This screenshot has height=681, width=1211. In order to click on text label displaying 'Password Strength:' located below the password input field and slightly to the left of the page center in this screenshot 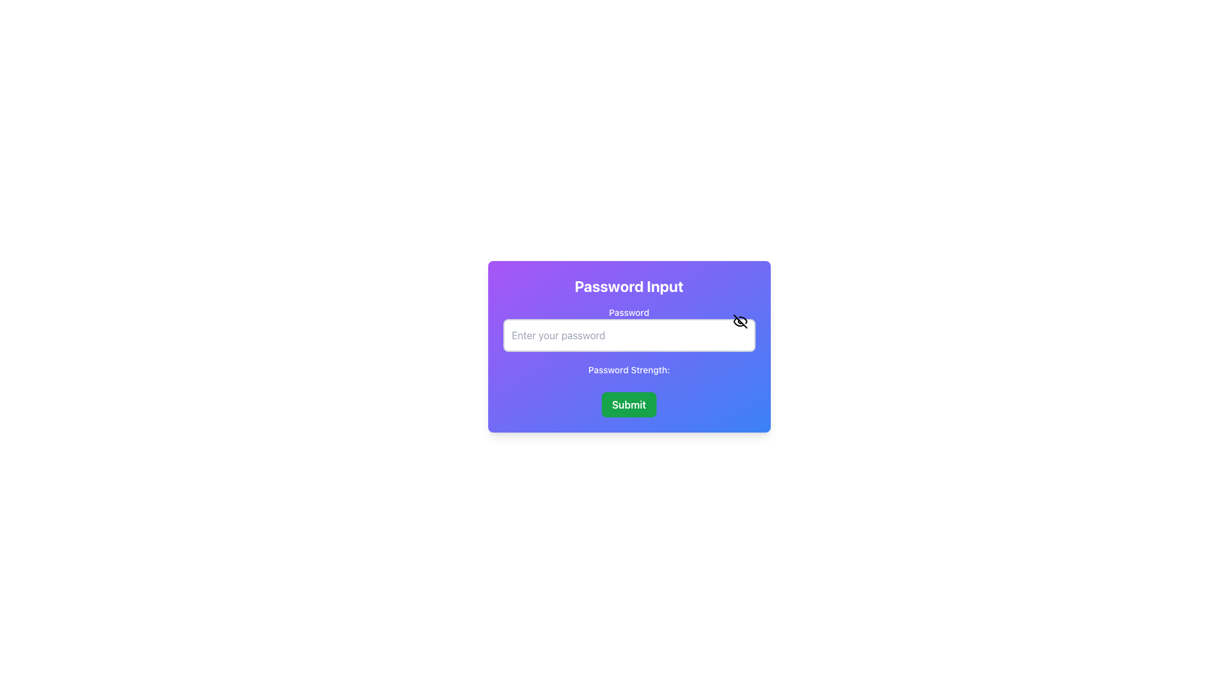, I will do `click(629, 369)`.